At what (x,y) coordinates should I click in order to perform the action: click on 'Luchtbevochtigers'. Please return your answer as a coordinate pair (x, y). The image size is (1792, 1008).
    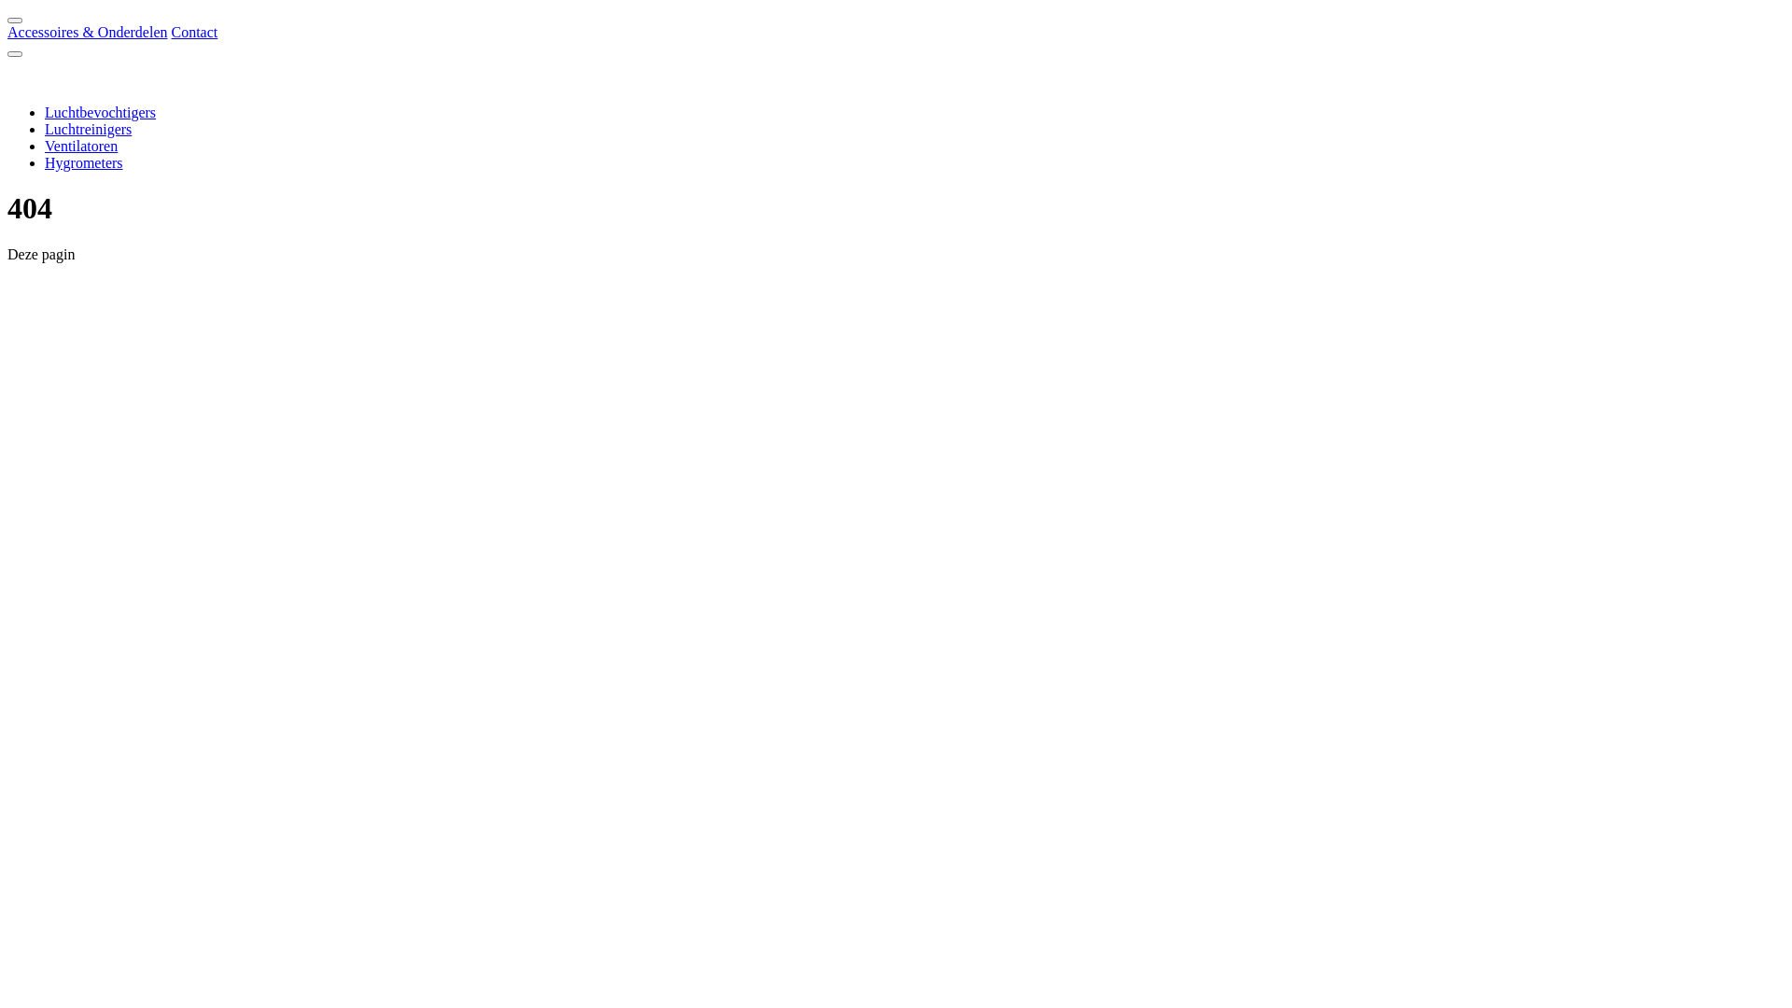
    Looking at the image, I should click on (99, 112).